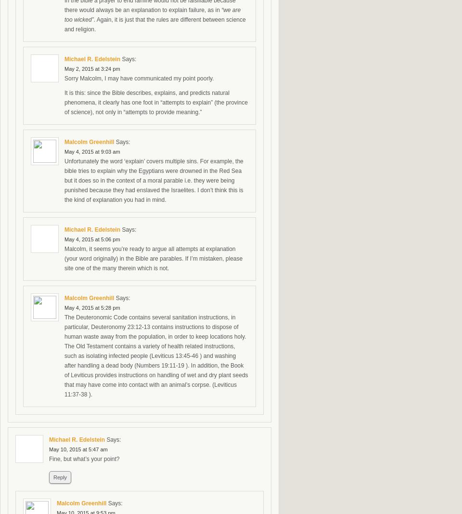 The height and width of the screenshot is (514, 462). I want to click on 'The Old Testament contains a variety of health related instructions, such as isolating infected people (Leviticus 13:45-46 ) and washing after handling a dead body (Numbers 19:11-19 ). In addition, the Book of Leviticus provides instructions on handling of wet and dry plant seeds that may have come into contact with an animal’s corpse. (Leviticus 11:37-38 ).', so click(156, 369).